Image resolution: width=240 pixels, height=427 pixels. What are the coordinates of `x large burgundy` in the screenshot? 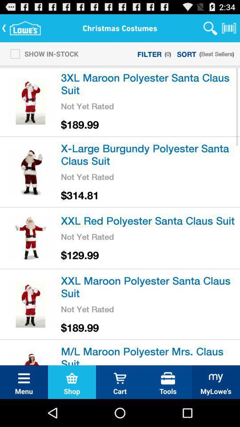 It's located at (149, 154).